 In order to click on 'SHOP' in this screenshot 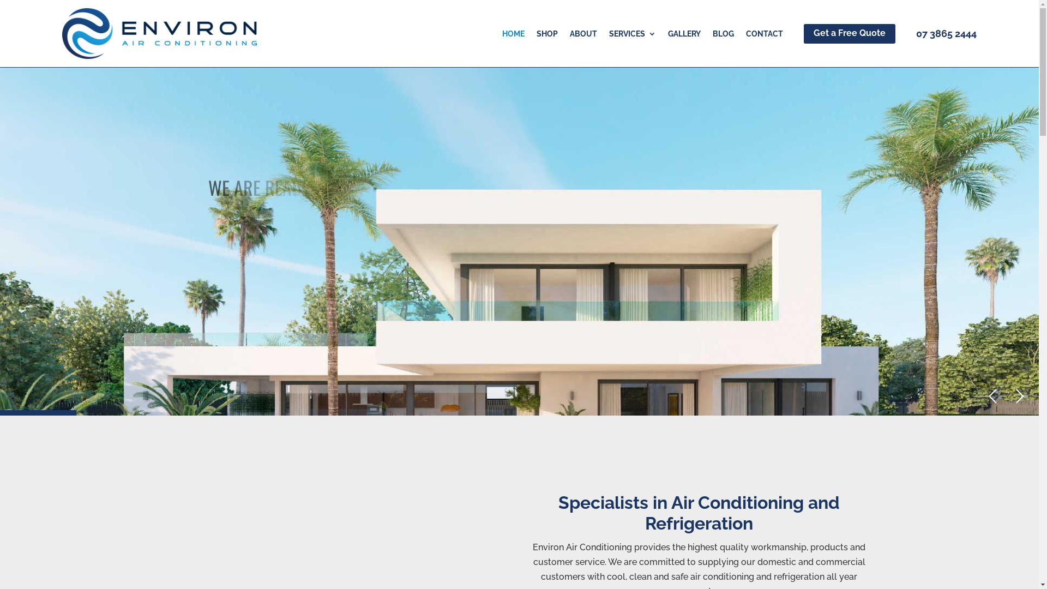, I will do `click(547, 35)`.